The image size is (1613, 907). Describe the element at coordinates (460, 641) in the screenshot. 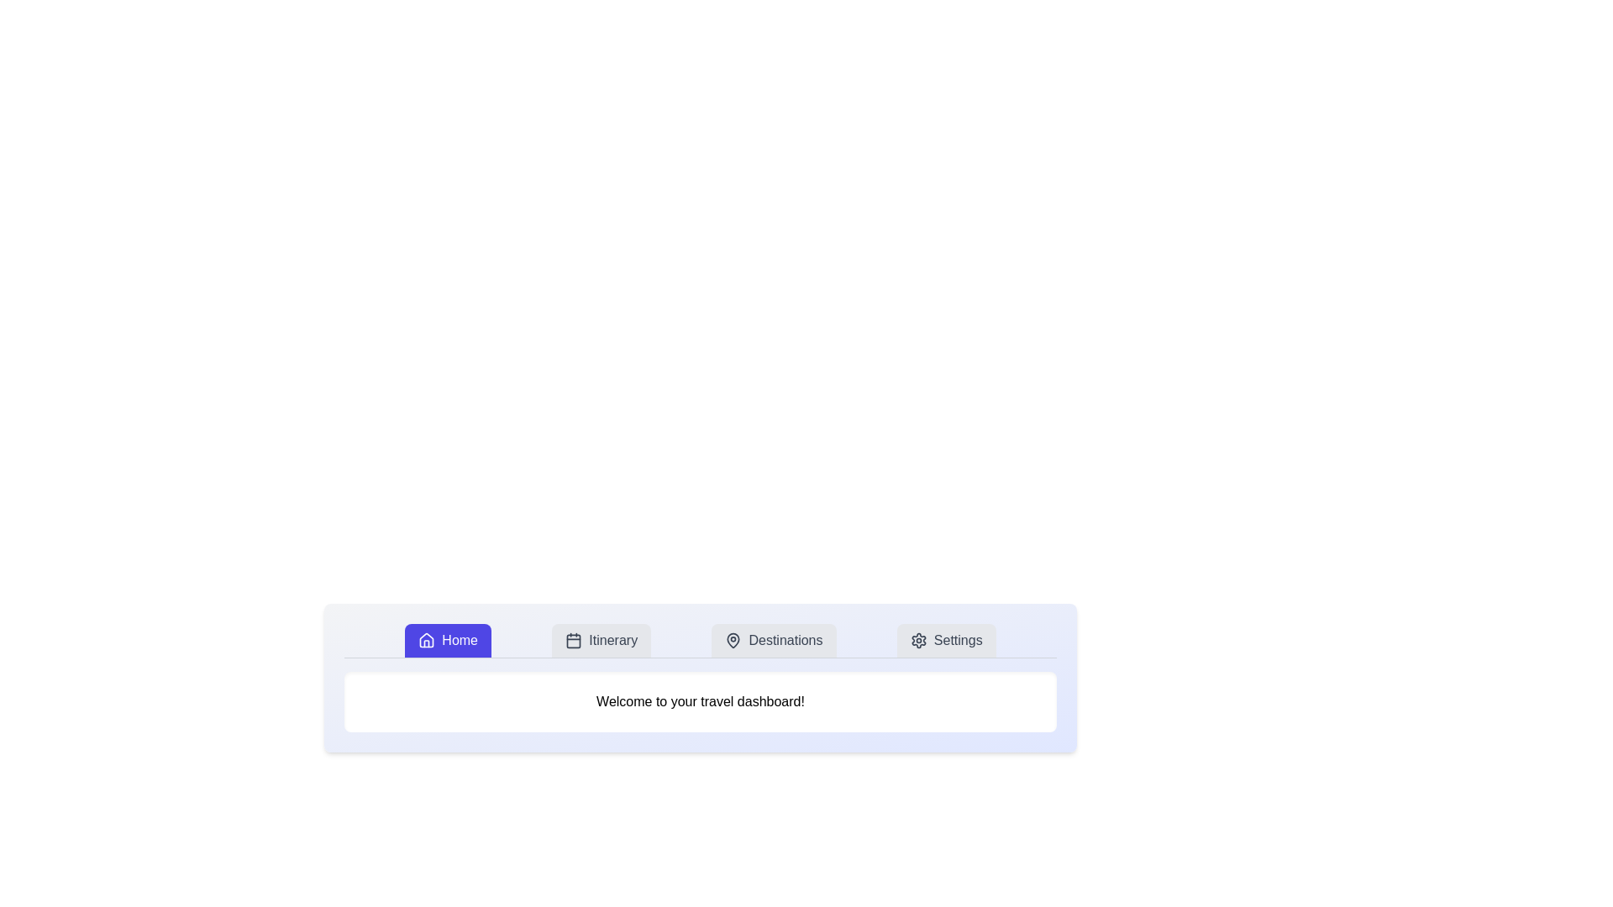

I see `the 'Home' text label located in the top-left section of the navigation bar` at that location.